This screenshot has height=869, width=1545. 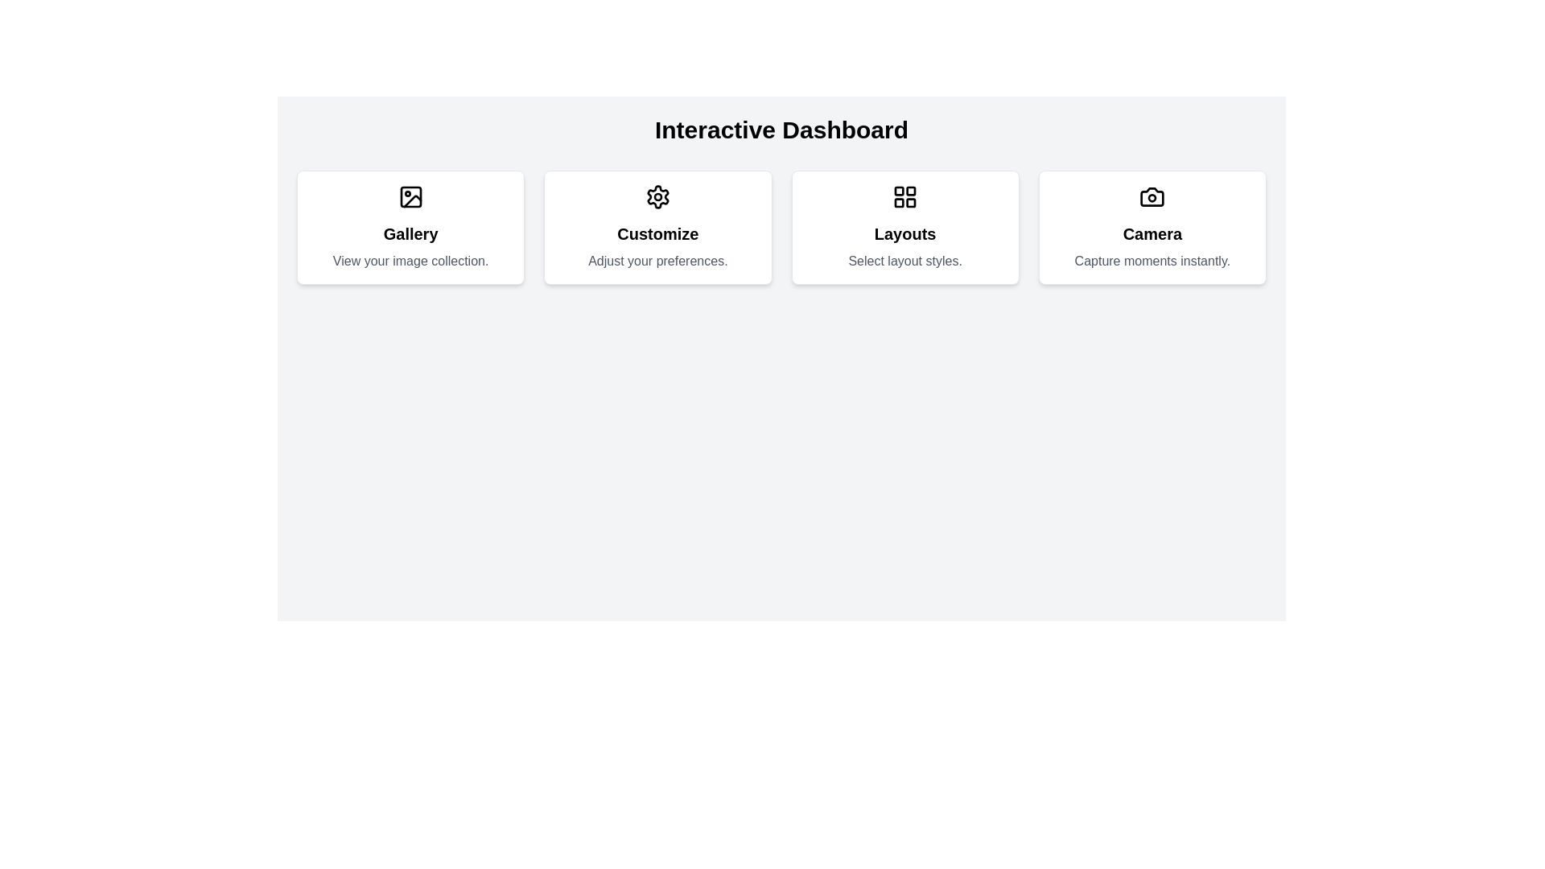 What do you see at coordinates (410, 260) in the screenshot?
I see `the static text label displaying 'View your image collection.' located within the 'Gallery' card` at bounding box center [410, 260].